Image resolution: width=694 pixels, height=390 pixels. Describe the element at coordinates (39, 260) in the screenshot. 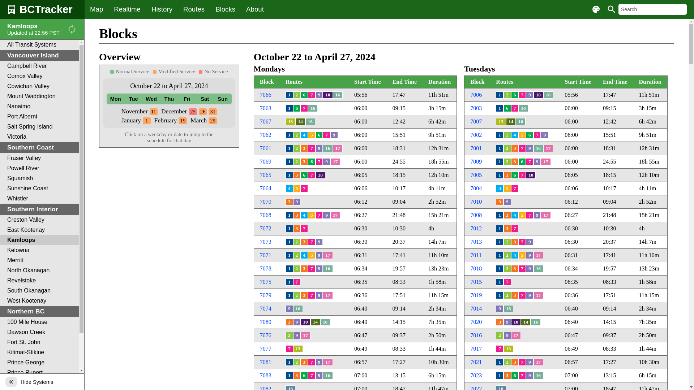

I see `'Merritt'` at that location.